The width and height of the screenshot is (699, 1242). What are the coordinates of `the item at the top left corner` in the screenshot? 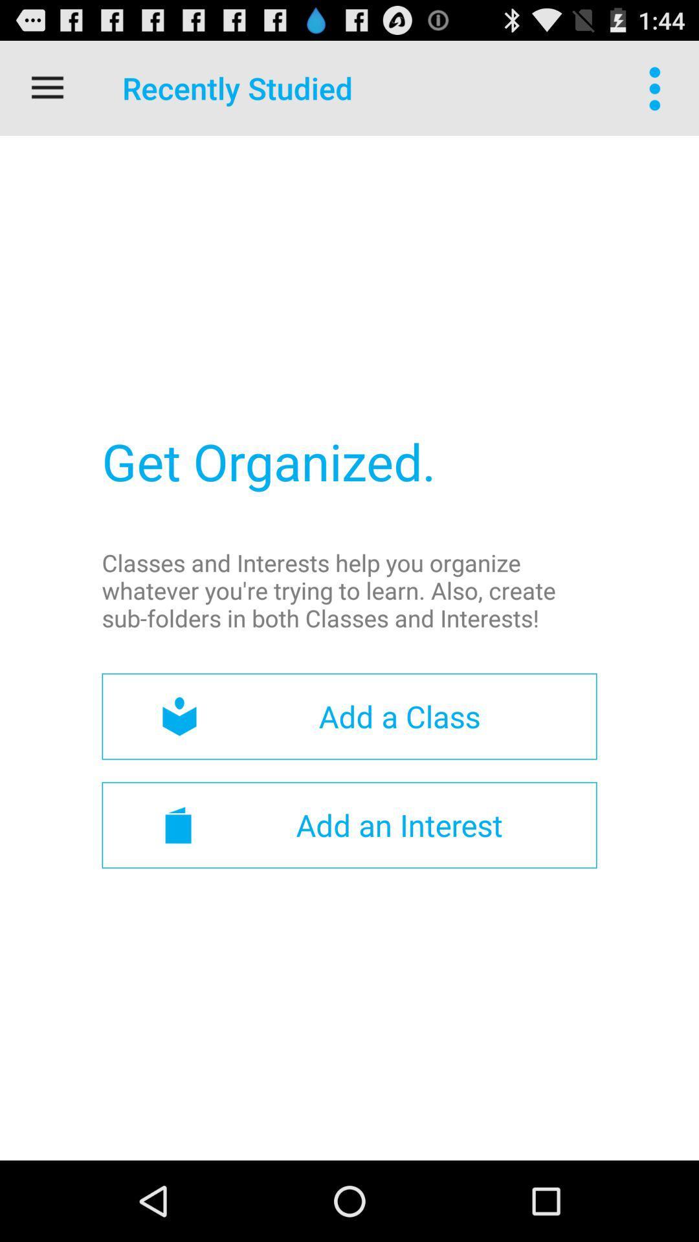 It's located at (47, 87).